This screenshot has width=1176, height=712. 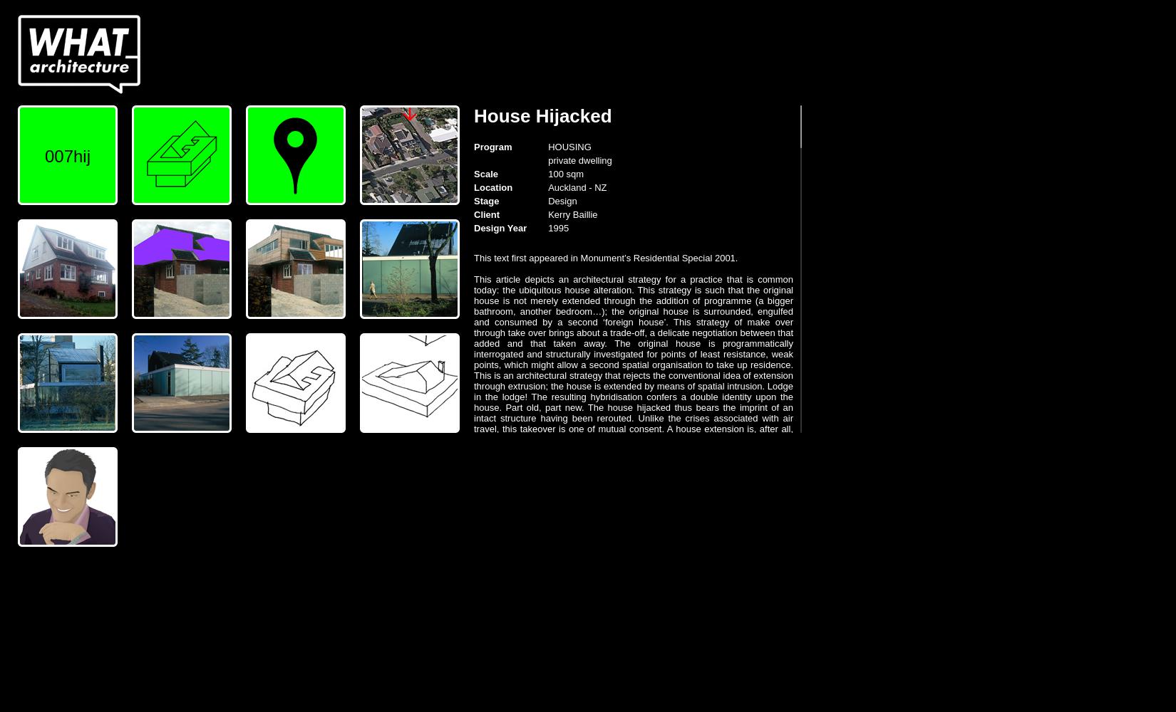 What do you see at coordinates (473, 173) in the screenshot?
I see `'Scale'` at bounding box center [473, 173].